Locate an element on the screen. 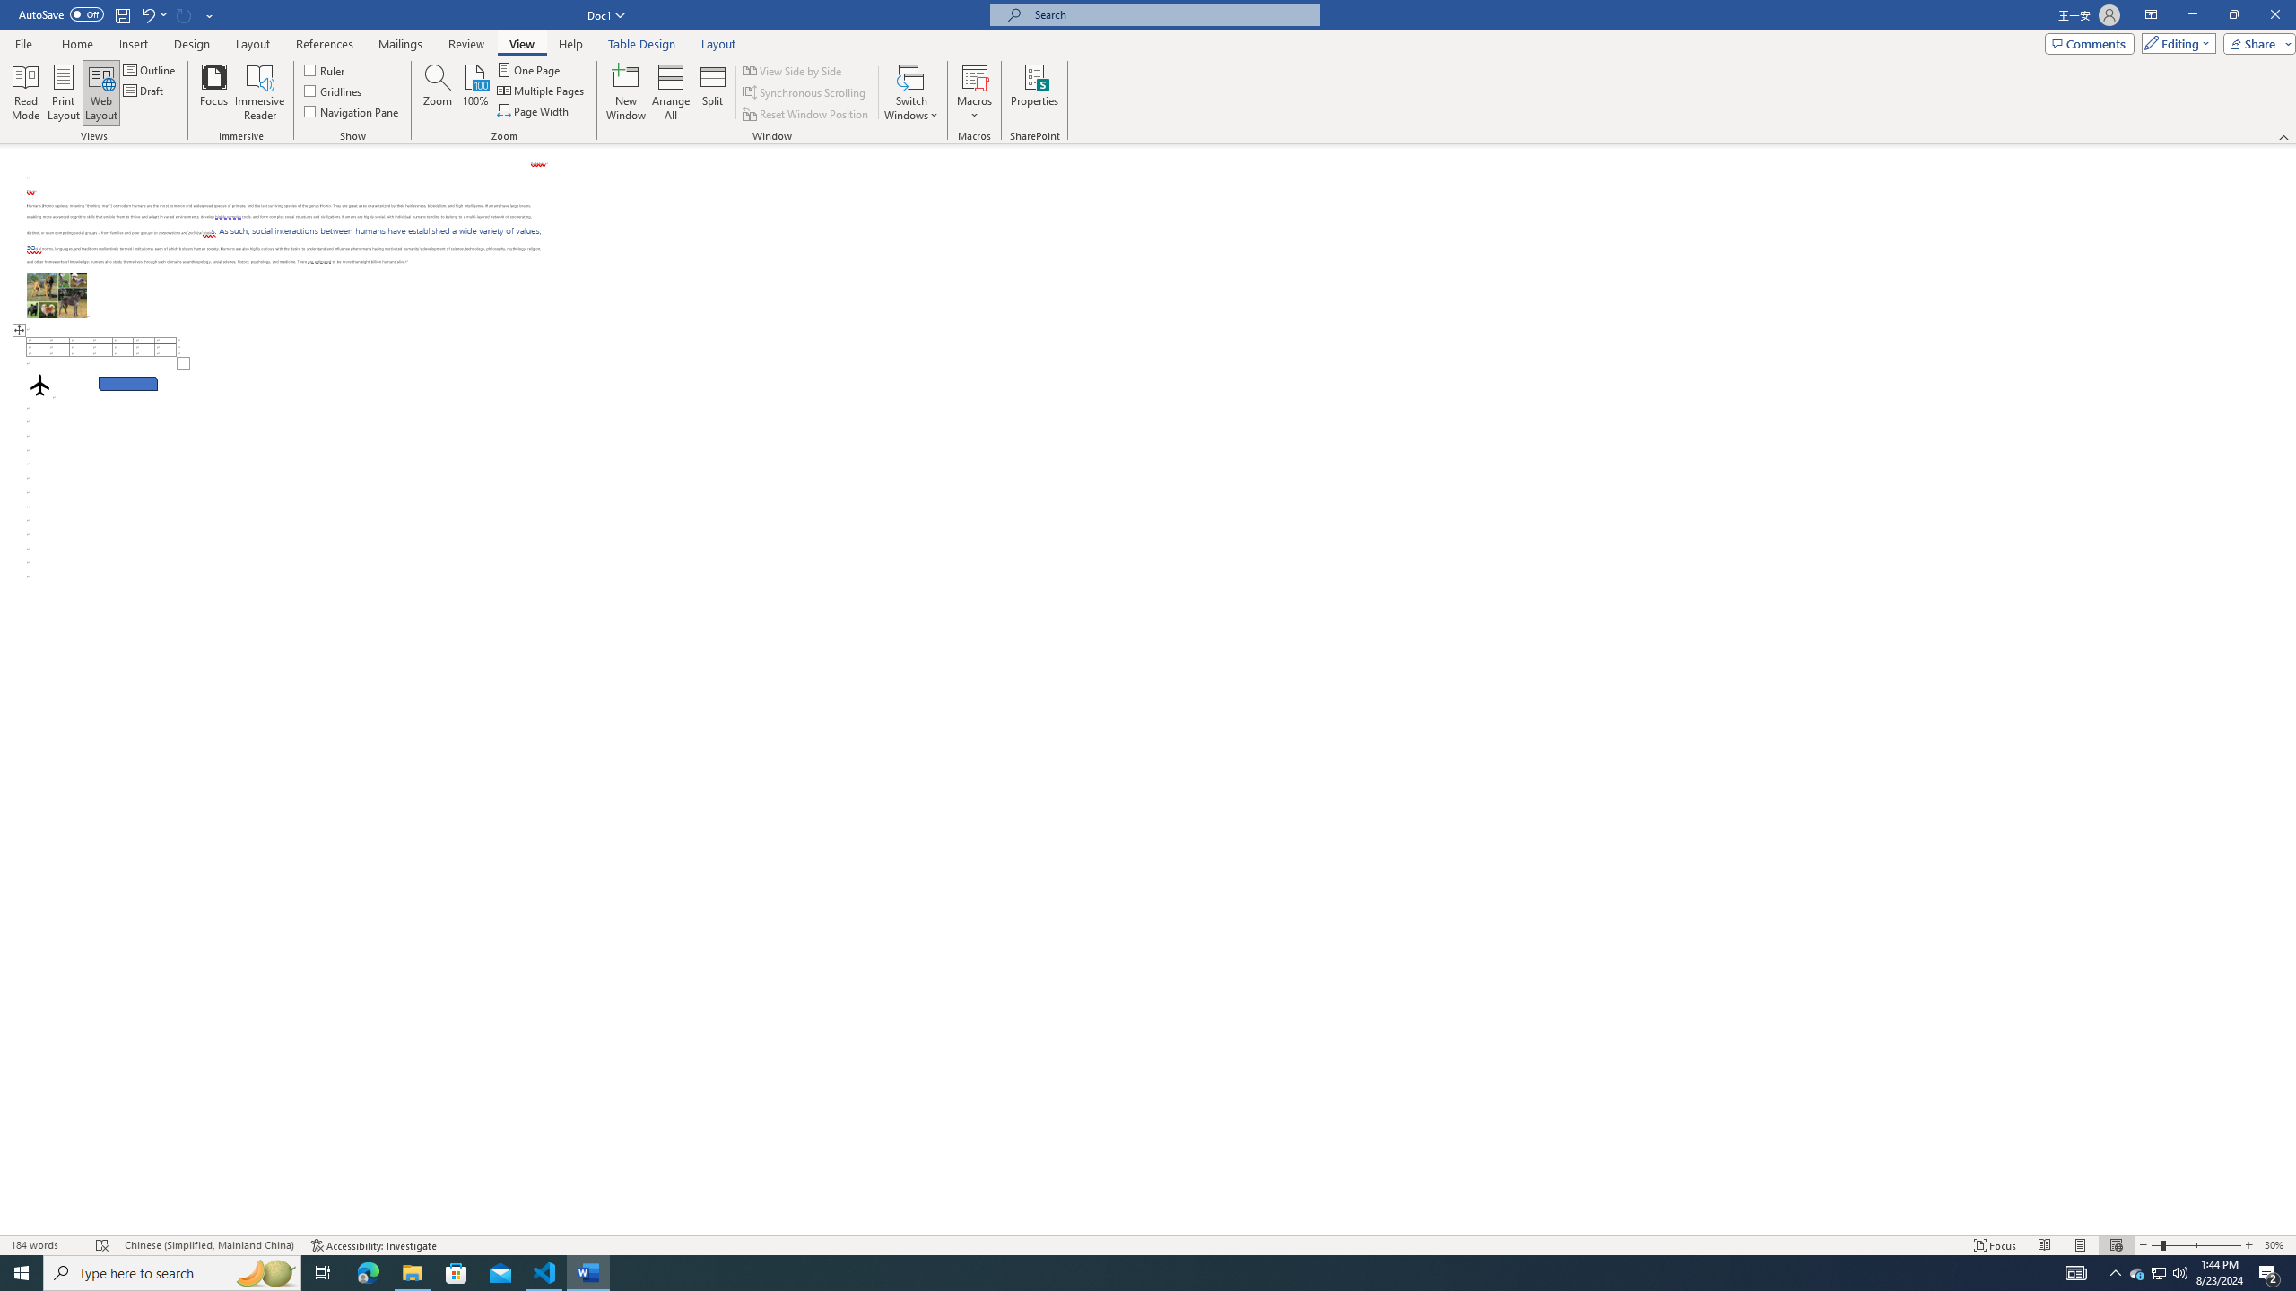 Image resolution: width=2296 pixels, height=1291 pixels. 'Synchronous Scrolling' is located at coordinates (804, 92).